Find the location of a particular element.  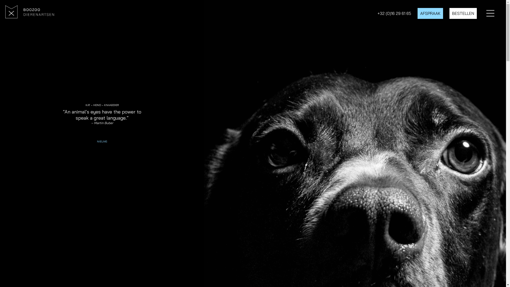

'AFSPRAAK' is located at coordinates (430, 13).